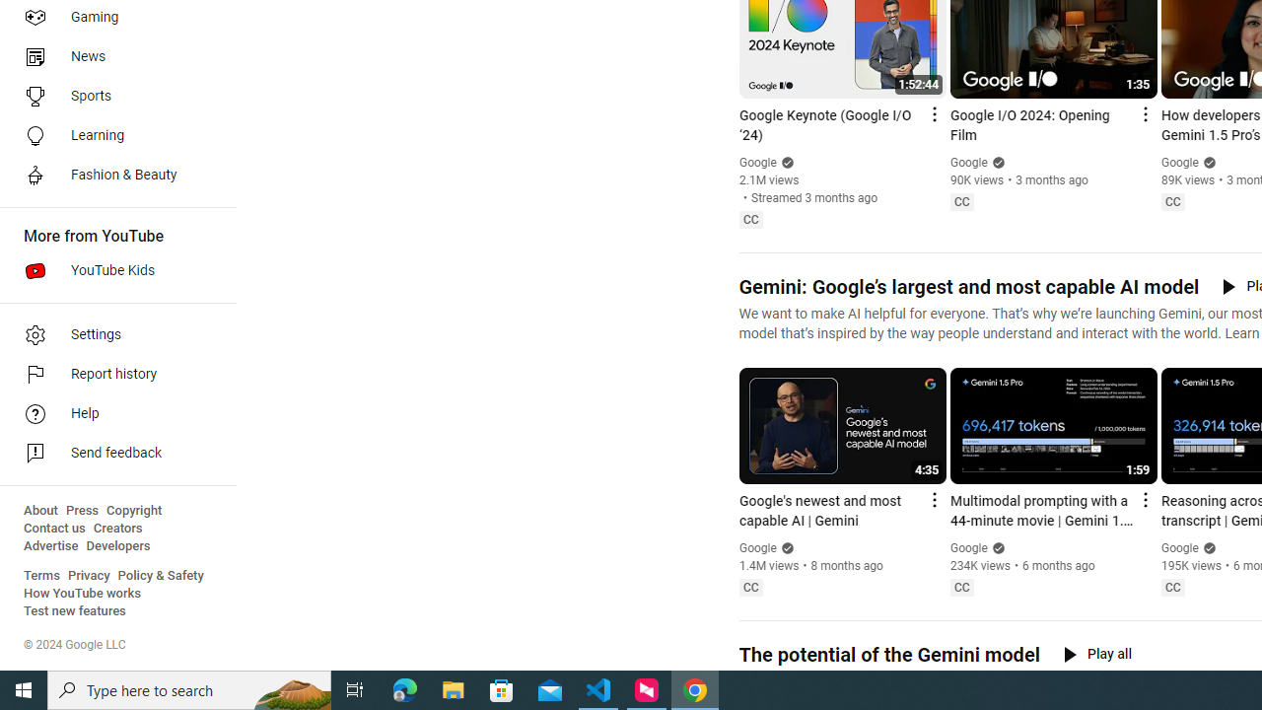 The height and width of the screenshot is (710, 1262). I want to click on 'Policy & Safety', so click(161, 576).